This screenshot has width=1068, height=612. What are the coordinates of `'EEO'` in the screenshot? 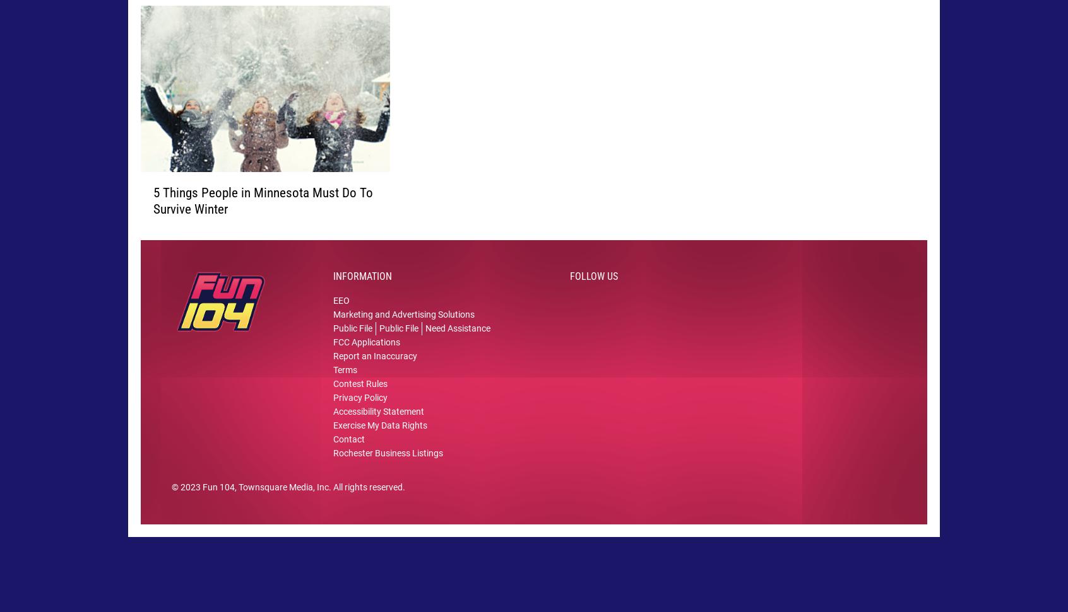 It's located at (341, 320).